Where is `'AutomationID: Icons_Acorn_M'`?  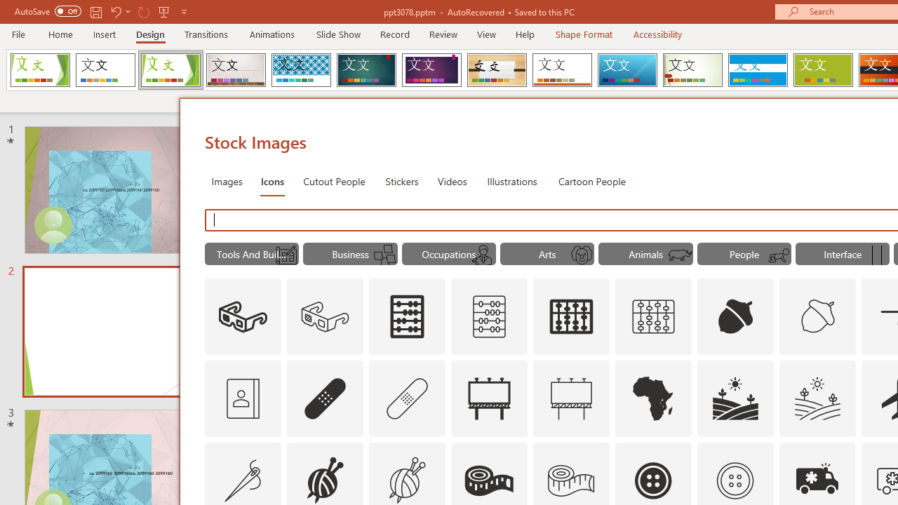
'AutomationID: Icons_Acorn_M' is located at coordinates (818, 317).